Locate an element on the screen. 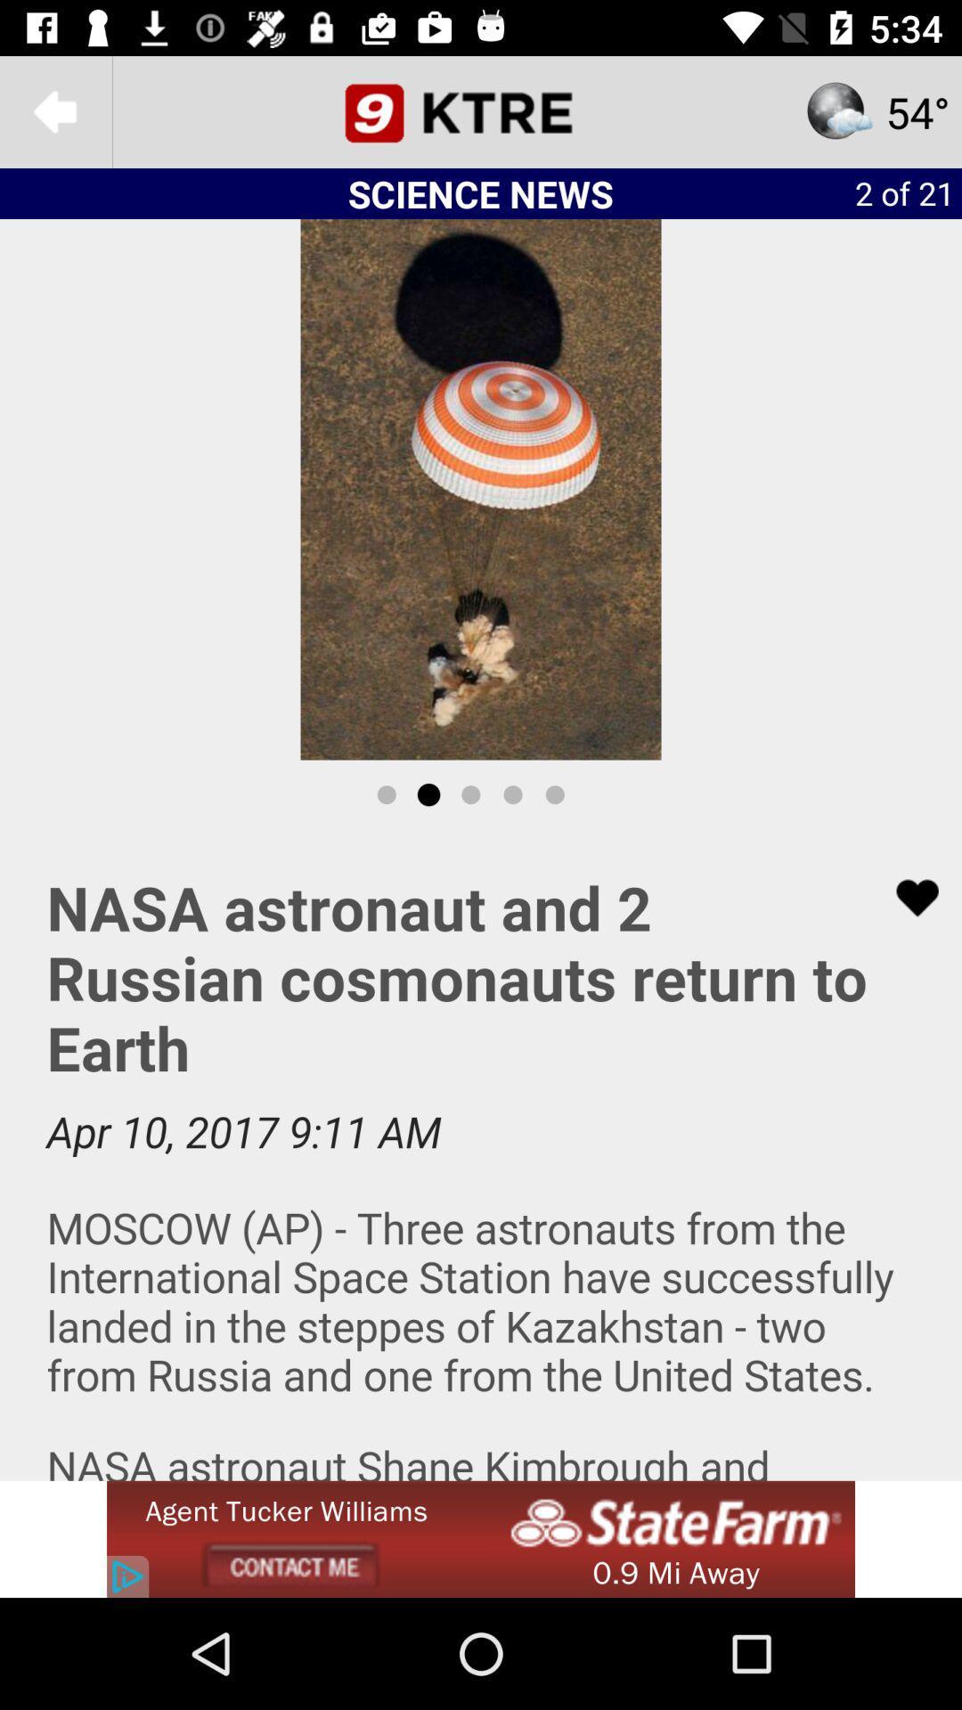  the favorite icon is located at coordinates (906, 898).